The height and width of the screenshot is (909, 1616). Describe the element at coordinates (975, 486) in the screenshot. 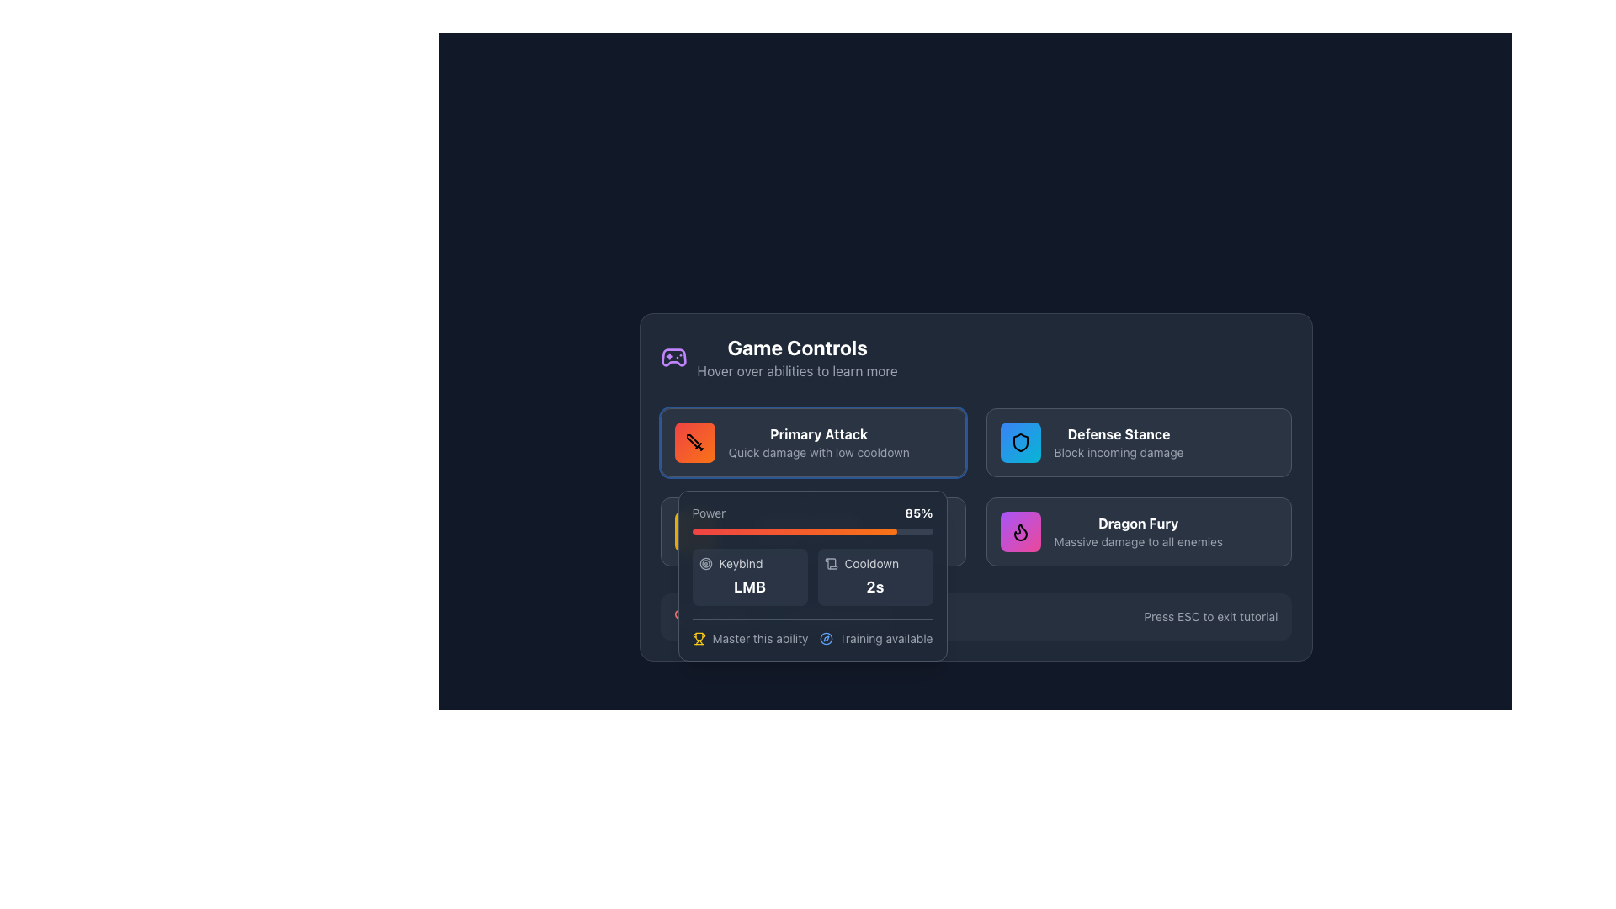

I see `the Information Panel that contains details about game abilities, which is styled with rounded corners and a dark gray background` at that location.